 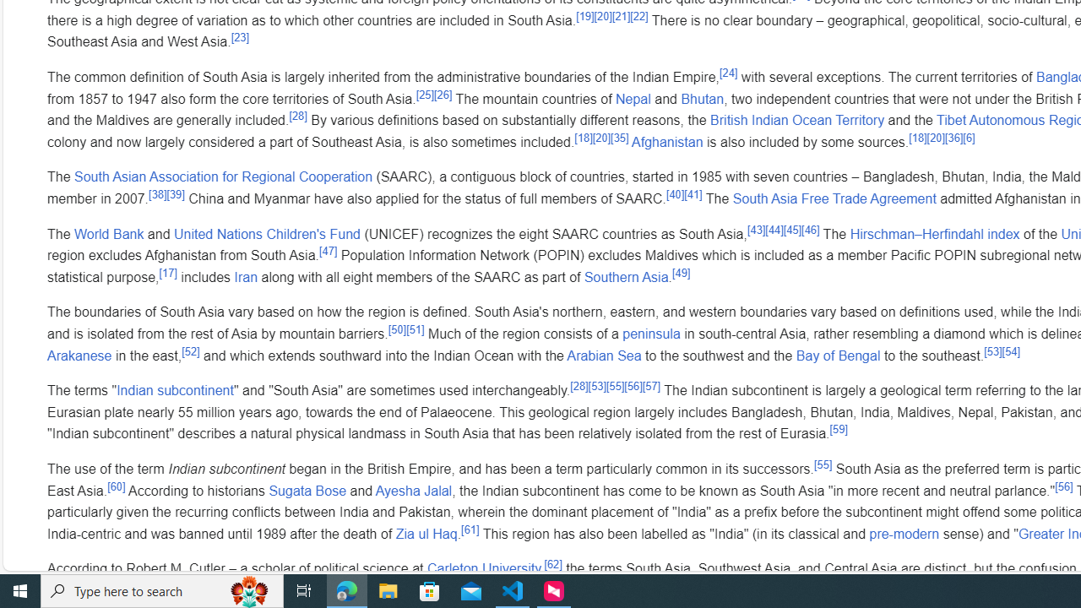 I want to click on '[57]', so click(x=650, y=386).